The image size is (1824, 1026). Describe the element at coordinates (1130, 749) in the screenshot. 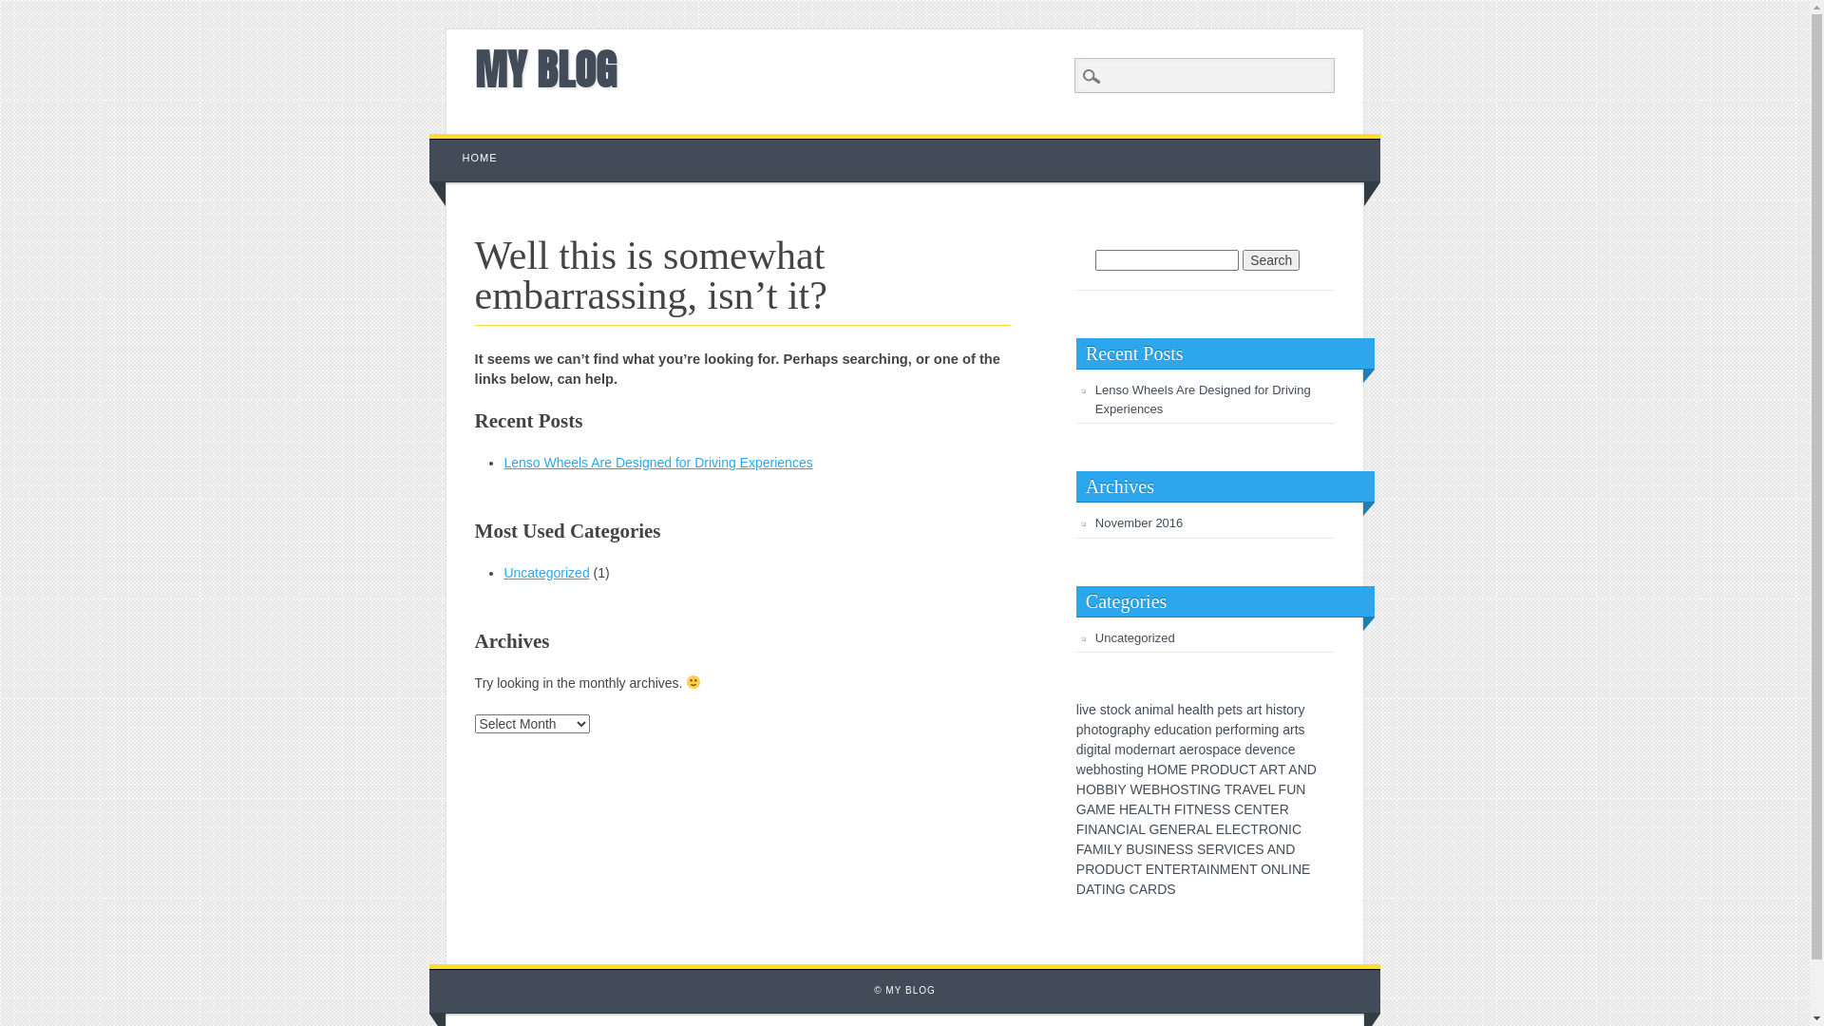

I see `'o'` at that location.